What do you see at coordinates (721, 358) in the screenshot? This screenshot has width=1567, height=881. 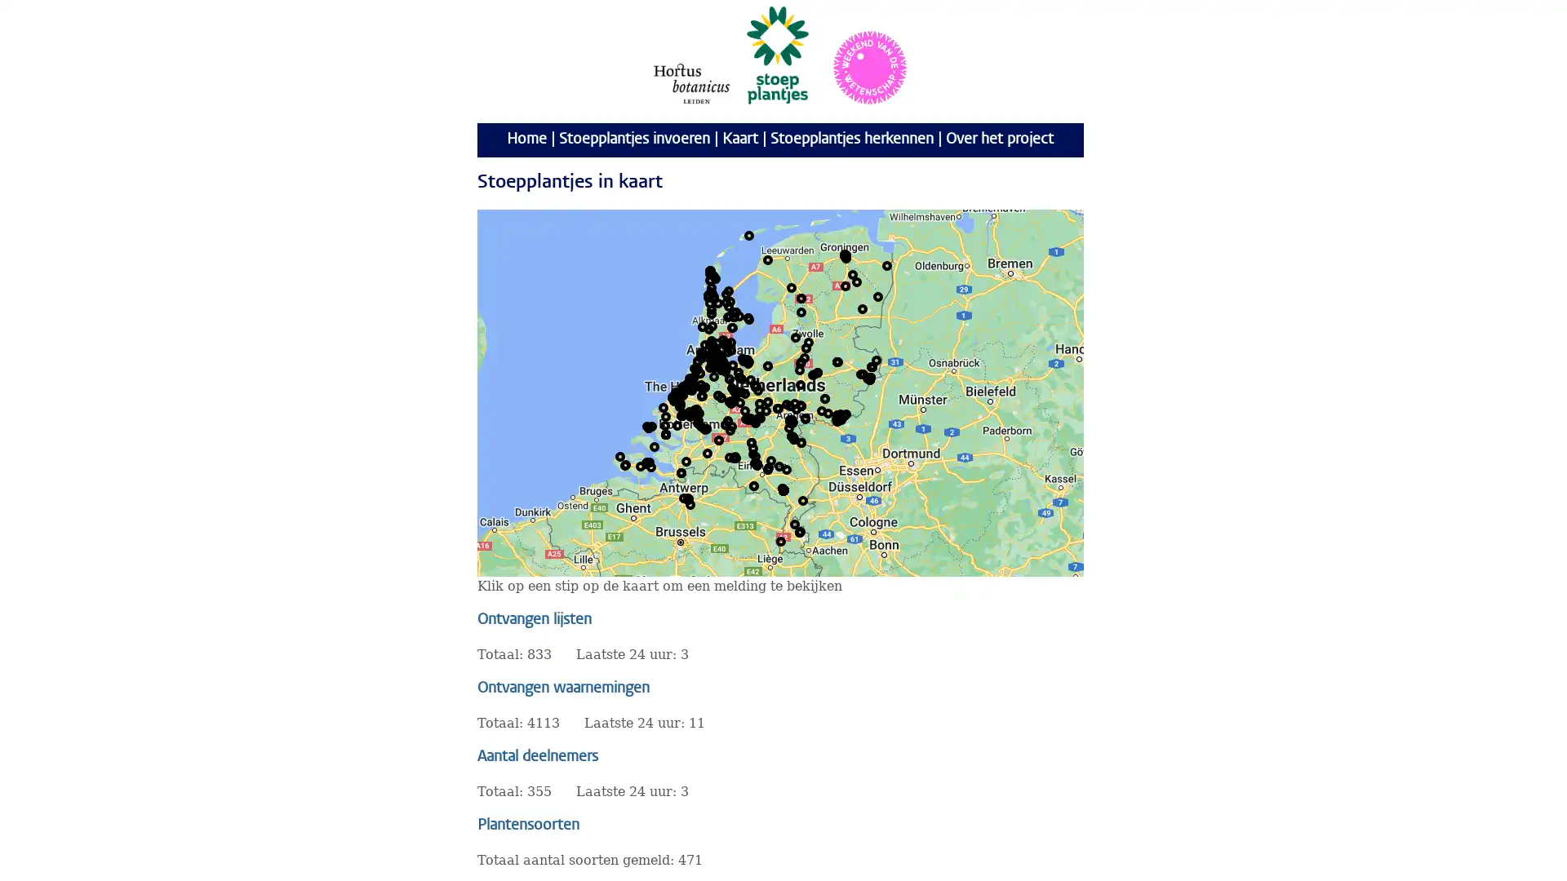 I see `Telling van Ariela op 09 mei 2022` at bounding box center [721, 358].